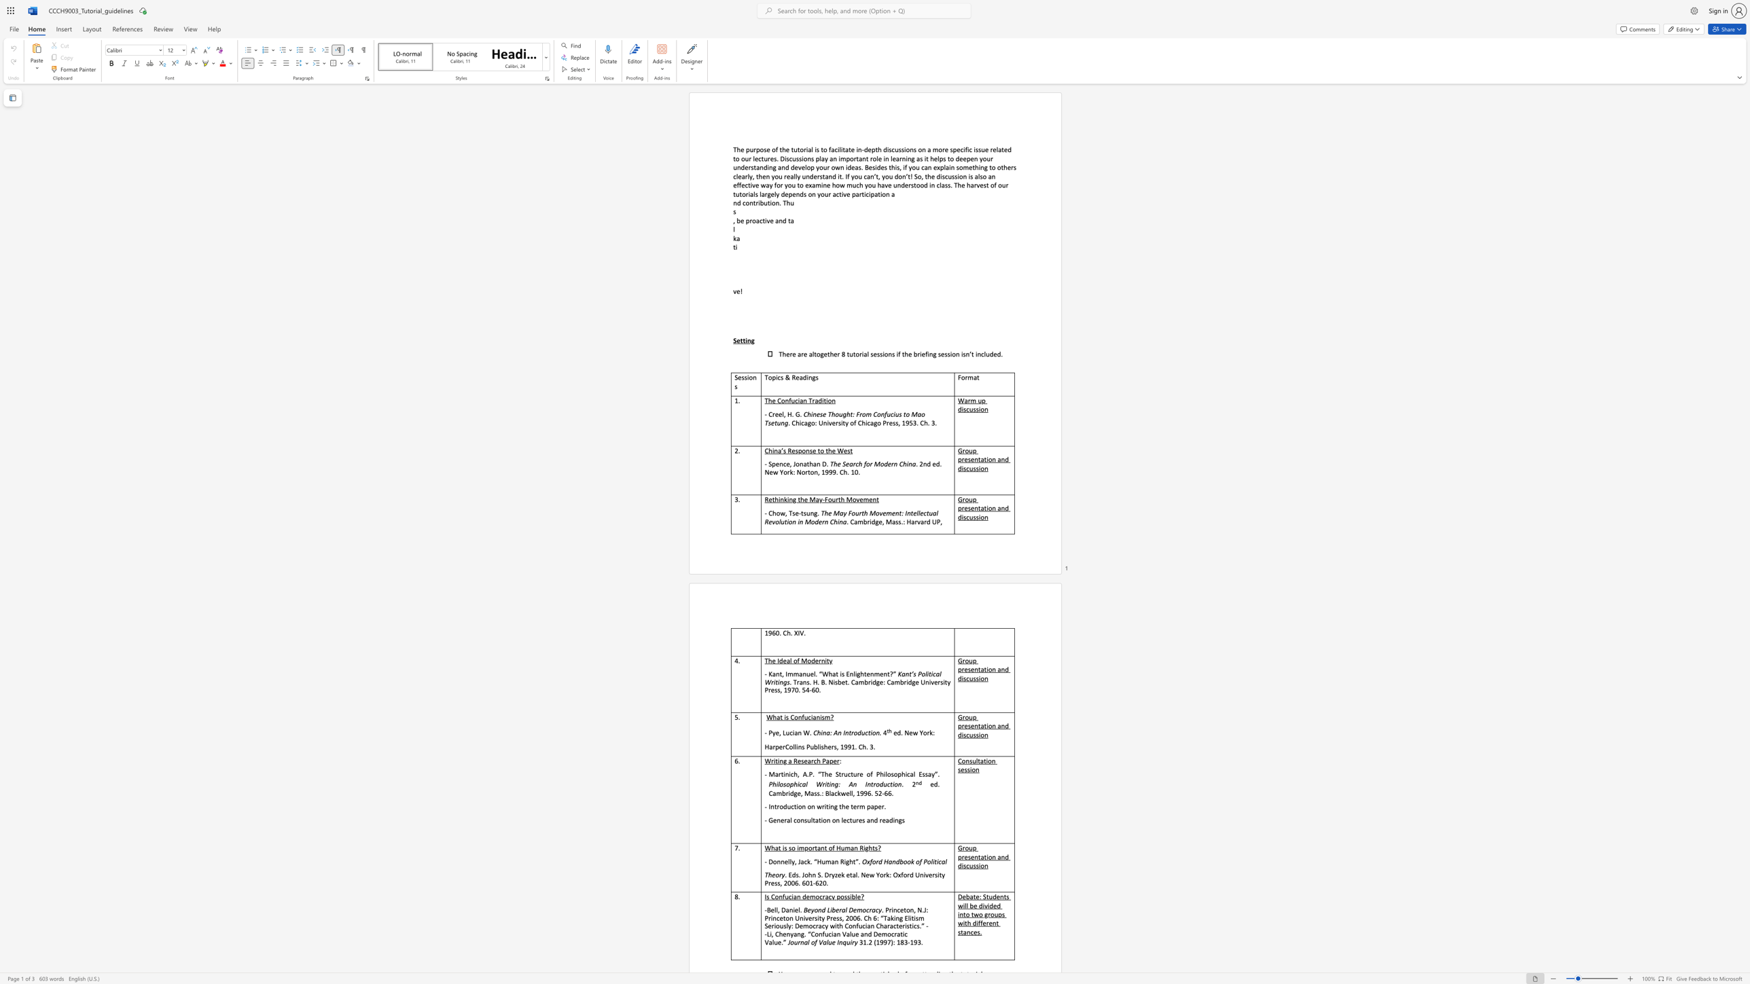 The image size is (1750, 984). I want to click on the subset text ". “What is Enl" within the text "- Kant, Immanuel. “What is Enlightenment?”", so click(815, 673).